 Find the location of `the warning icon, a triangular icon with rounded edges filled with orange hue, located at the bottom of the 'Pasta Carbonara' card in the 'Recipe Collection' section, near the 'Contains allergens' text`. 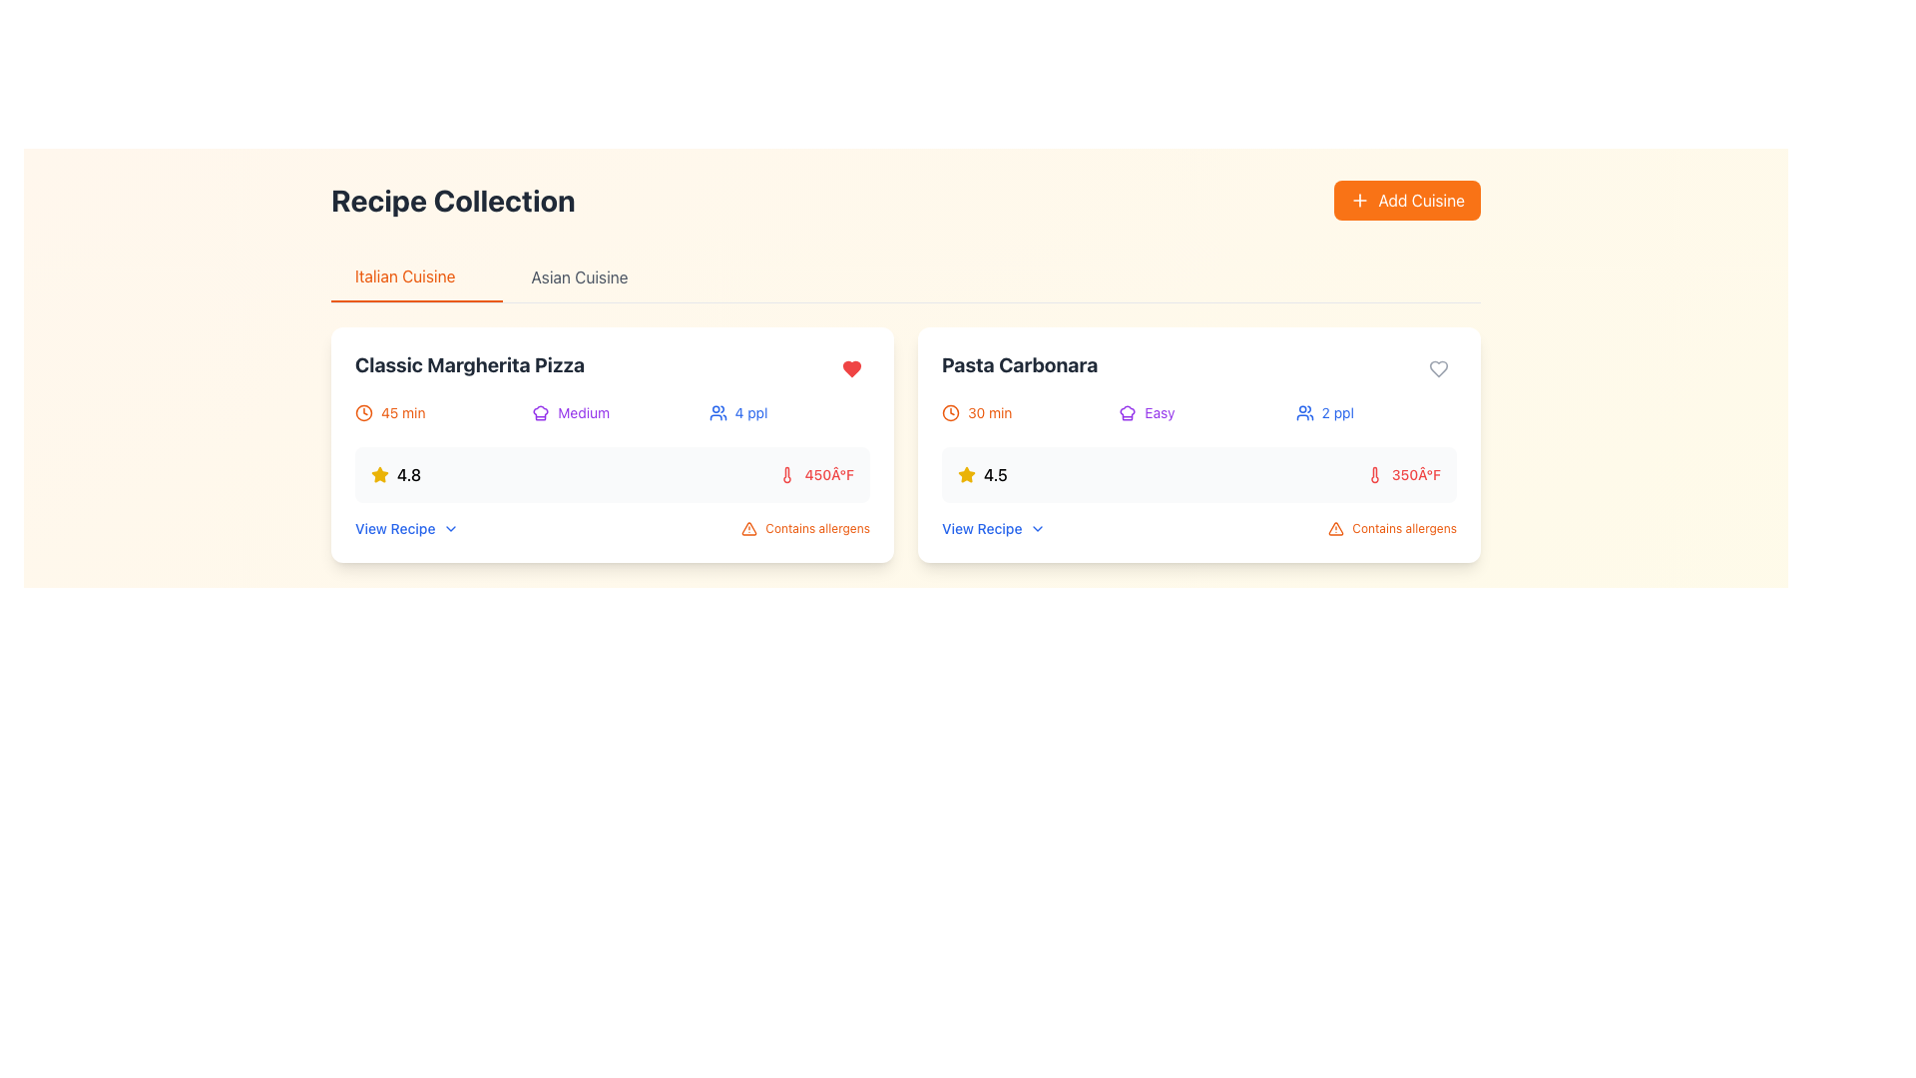

the warning icon, a triangular icon with rounded edges filled with orange hue, located at the bottom of the 'Pasta Carbonara' card in the 'Recipe Collection' section, near the 'Contains allergens' text is located at coordinates (748, 527).